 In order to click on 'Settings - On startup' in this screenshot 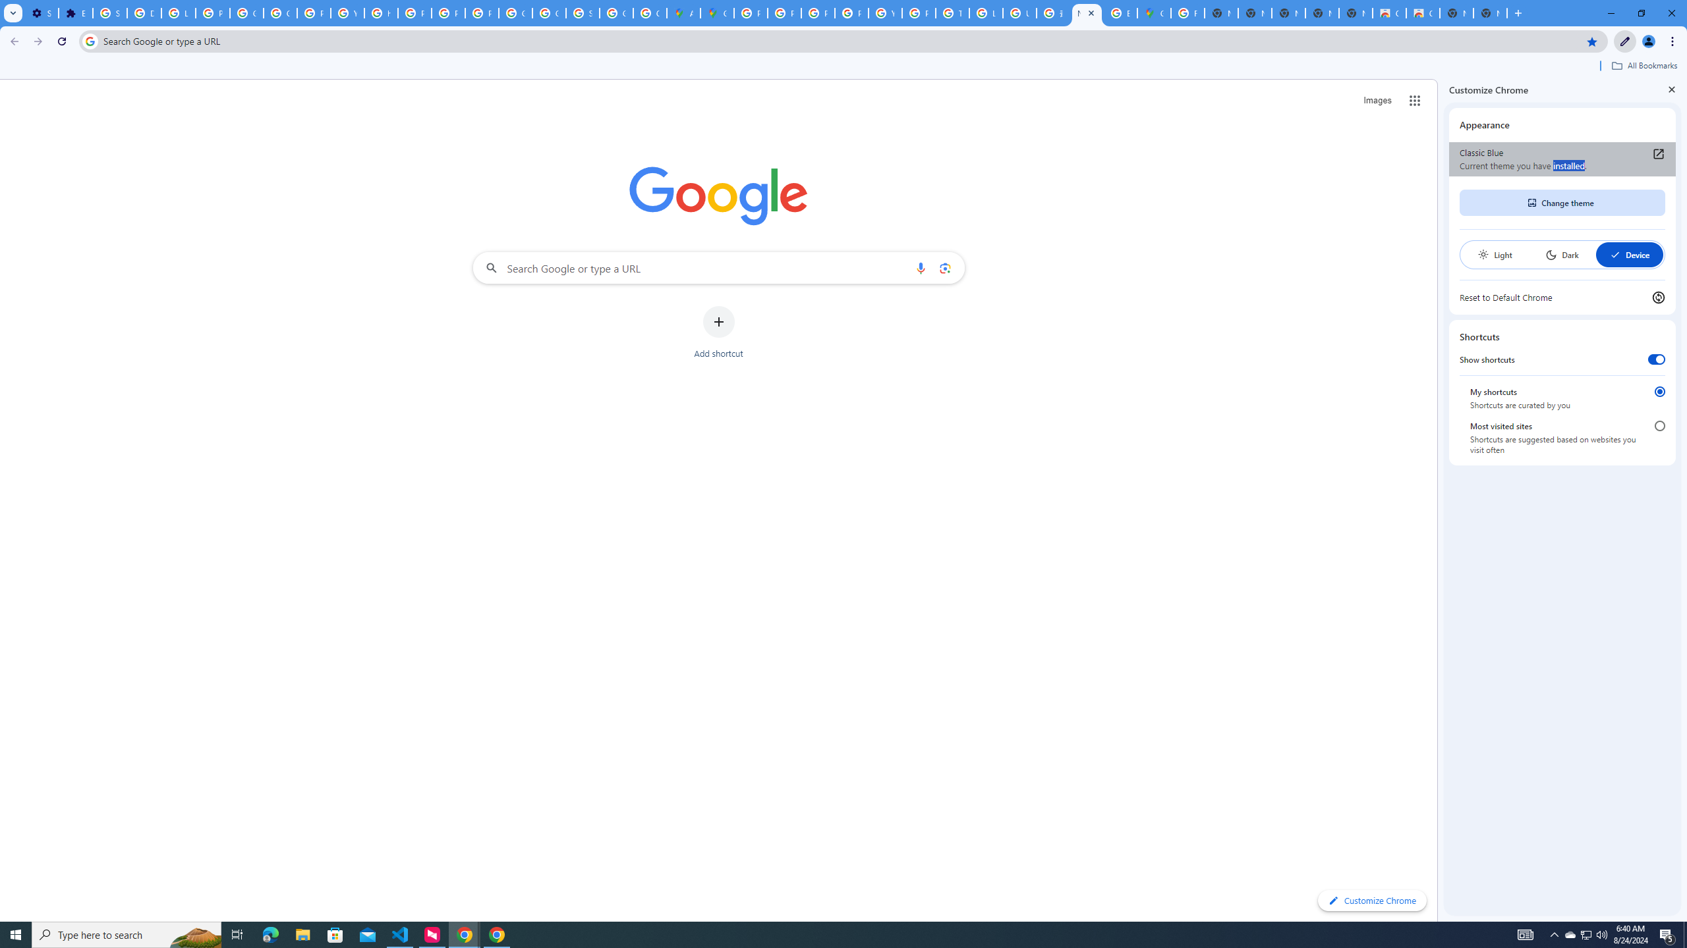, I will do `click(40, 13)`.